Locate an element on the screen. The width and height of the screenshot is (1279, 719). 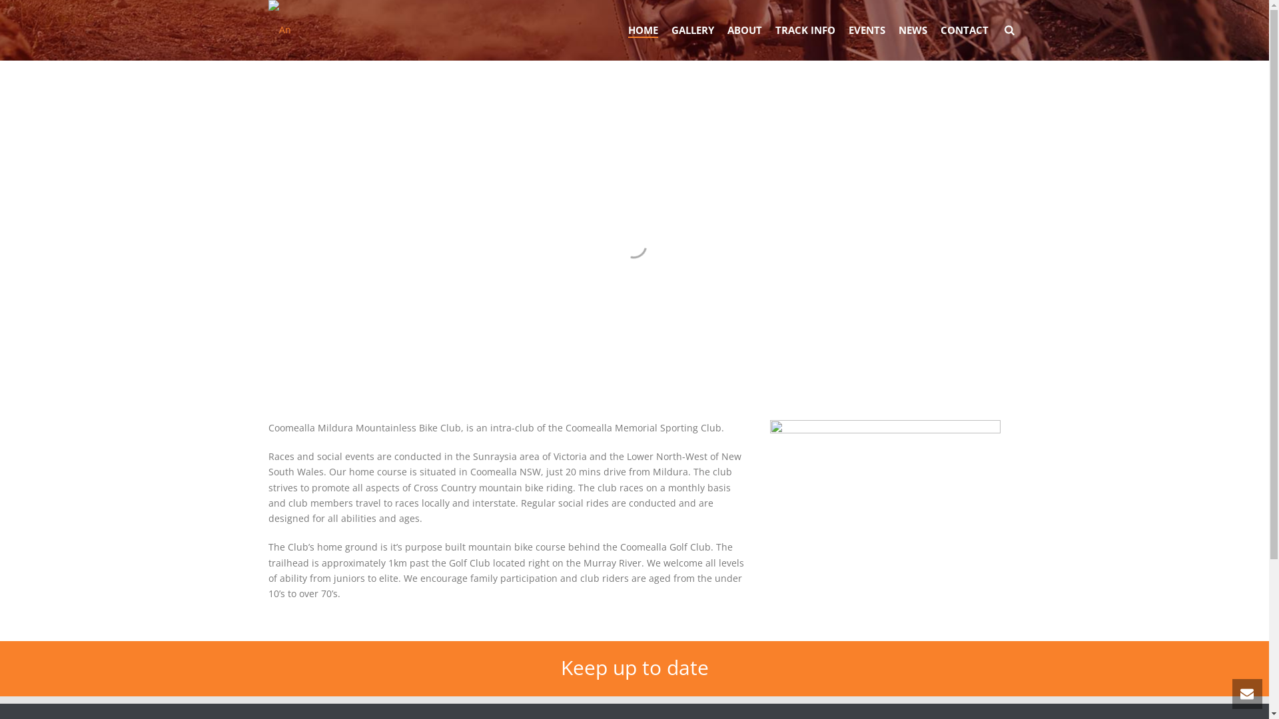
'TRACK INFO' is located at coordinates (805, 30).